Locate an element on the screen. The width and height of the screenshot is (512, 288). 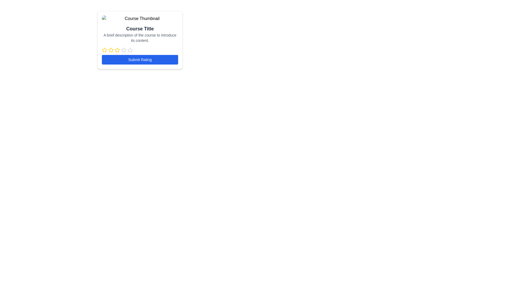
the submit button located at the bottom of the course card layout is located at coordinates (140, 59).